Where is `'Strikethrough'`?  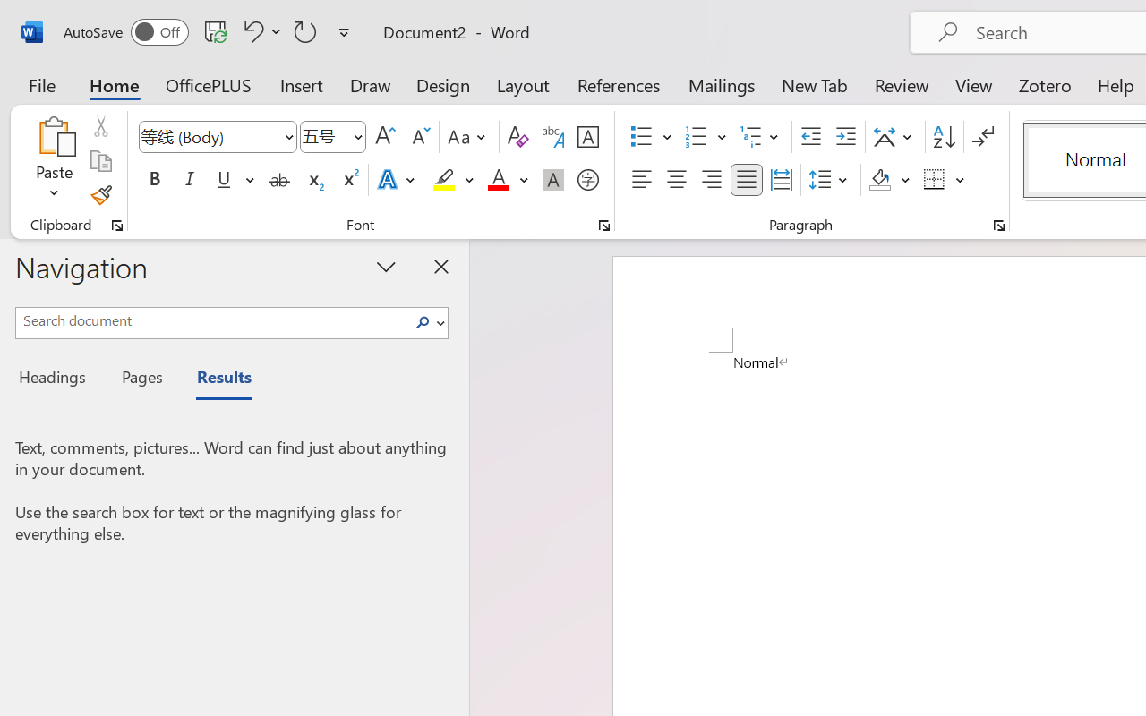
'Strikethrough' is located at coordinates (278, 180).